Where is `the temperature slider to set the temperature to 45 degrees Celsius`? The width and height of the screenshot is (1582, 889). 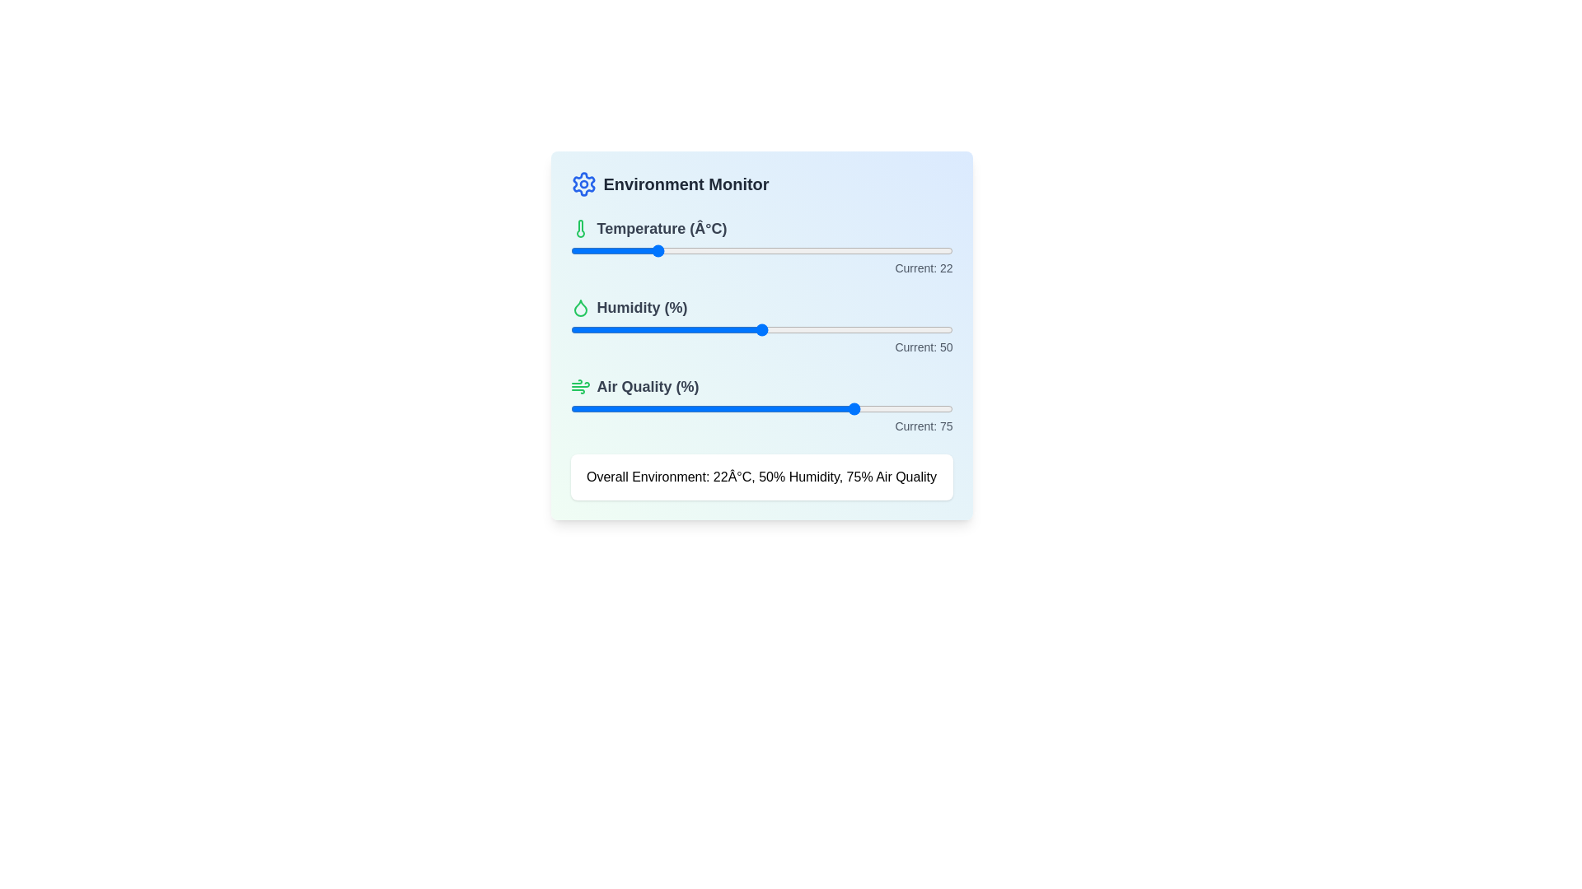
the temperature slider to set the temperature to 45 degrees Celsius is located at coordinates (742, 250).